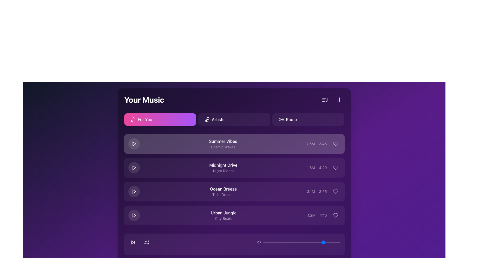 This screenshot has width=499, height=280. What do you see at coordinates (134, 168) in the screenshot?
I see `the play button for the track 'Midnight Drive'` at bounding box center [134, 168].